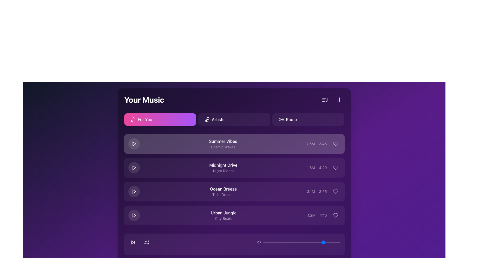 This screenshot has width=499, height=280. What do you see at coordinates (134, 168) in the screenshot?
I see `the play button for the track 'Midnight Drive'` at bounding box center [134, 168].